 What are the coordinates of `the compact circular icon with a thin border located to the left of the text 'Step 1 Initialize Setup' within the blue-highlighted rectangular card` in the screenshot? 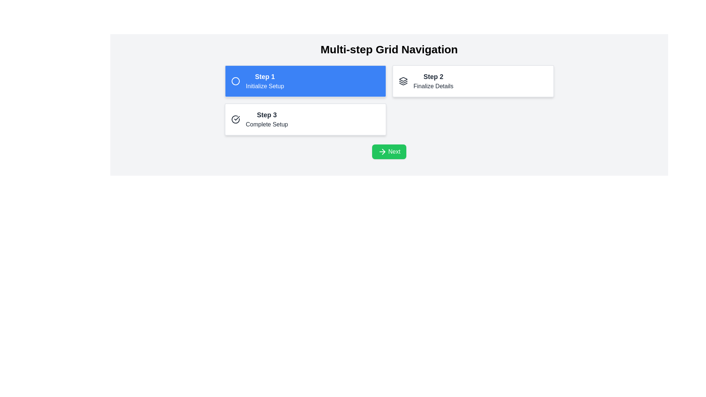 It's located at (235, 81).